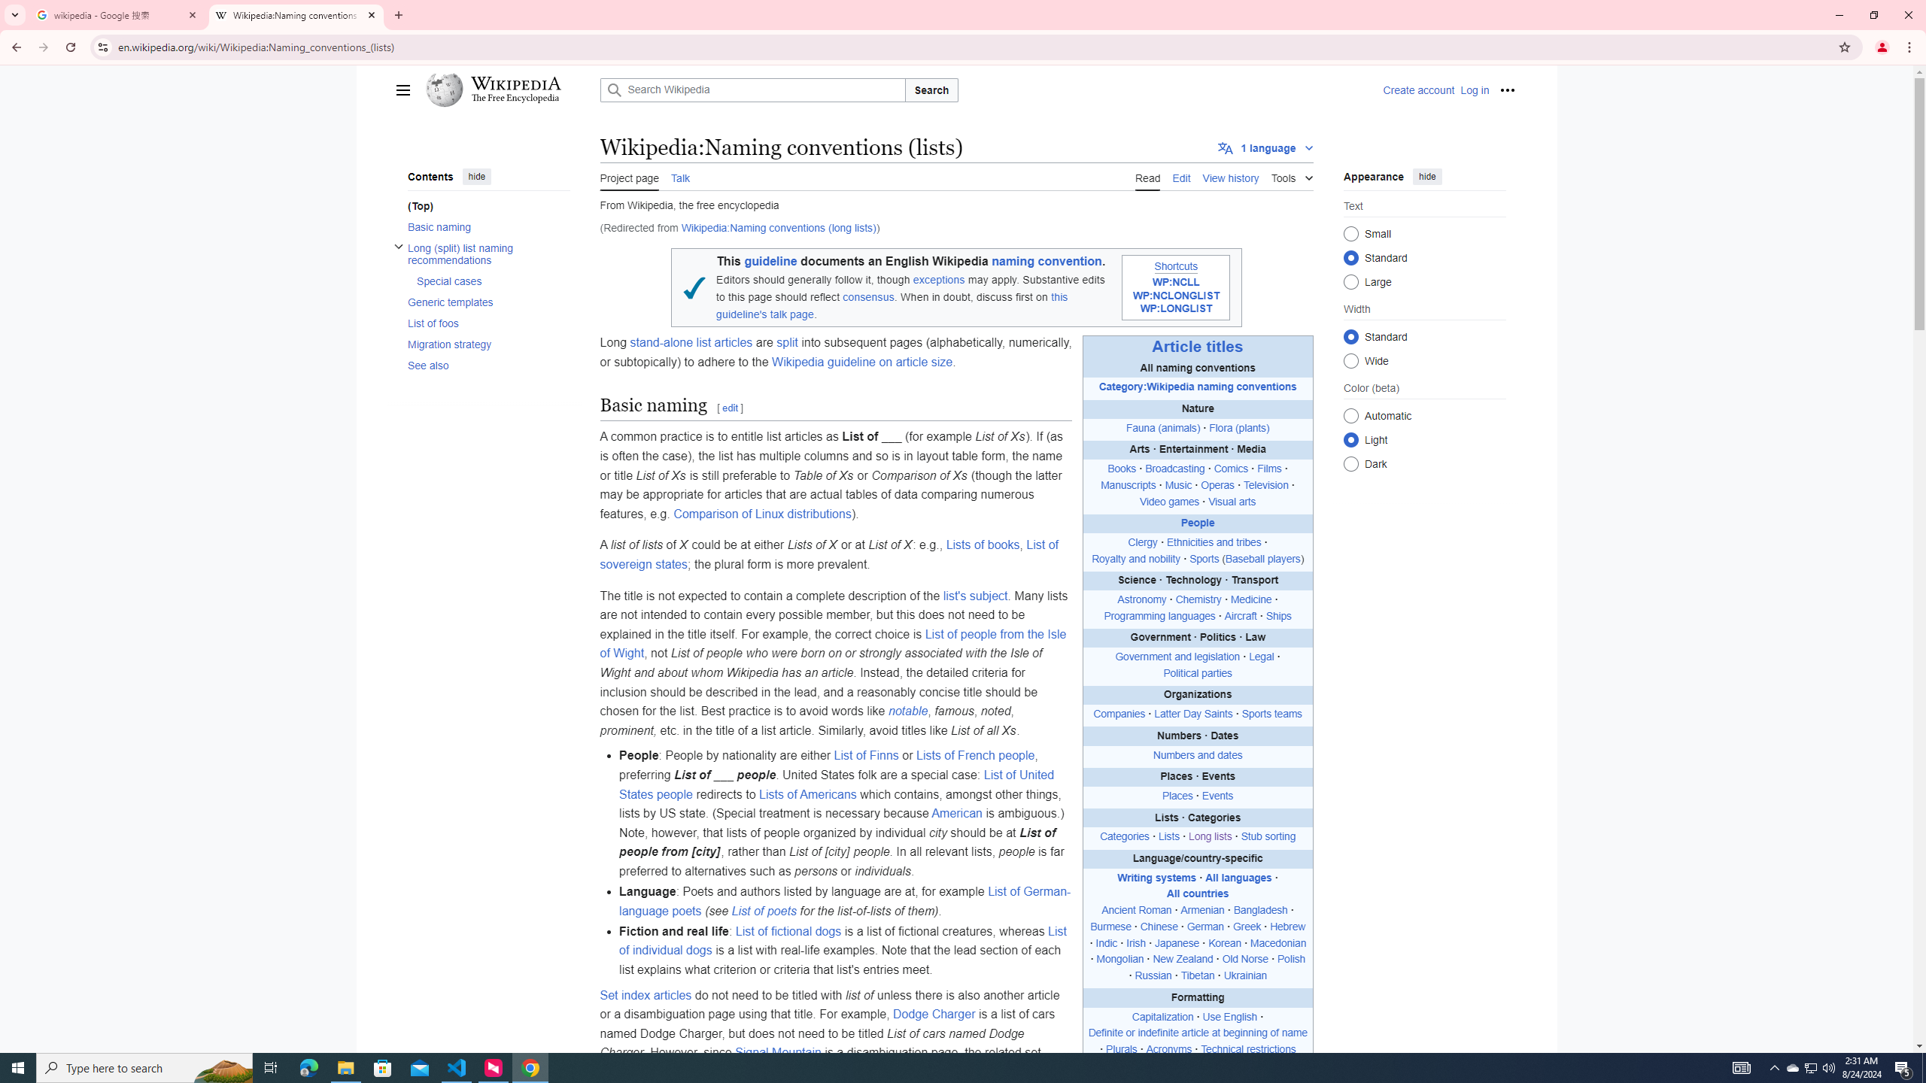  Describe the element at coordinates (1238, 878) in the screenshot. I see `'All languages'` at that location.